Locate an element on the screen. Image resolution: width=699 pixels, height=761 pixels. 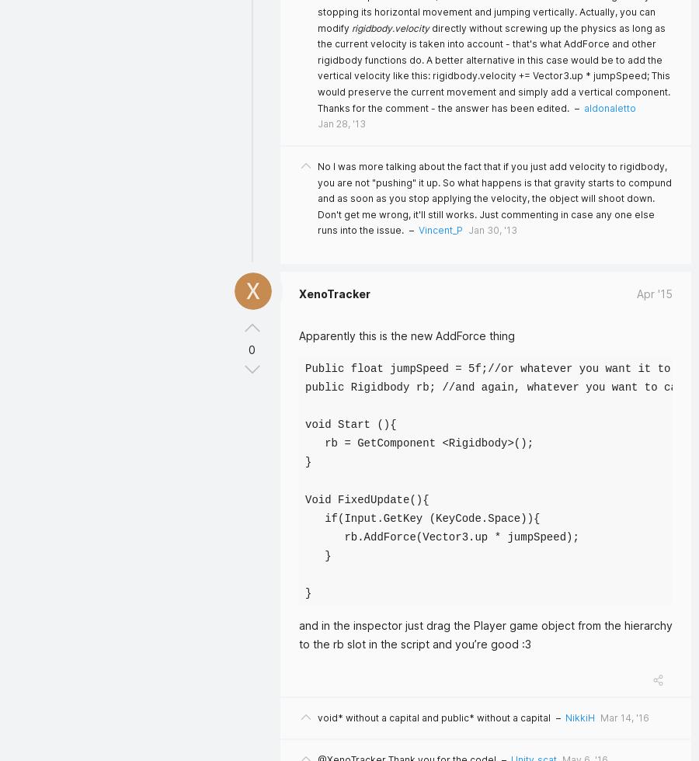
'and in the inspector just drag the Player game object from the hierarchy to the rb slot in the script and you’re good :3' is located at coordinates (485, 634).